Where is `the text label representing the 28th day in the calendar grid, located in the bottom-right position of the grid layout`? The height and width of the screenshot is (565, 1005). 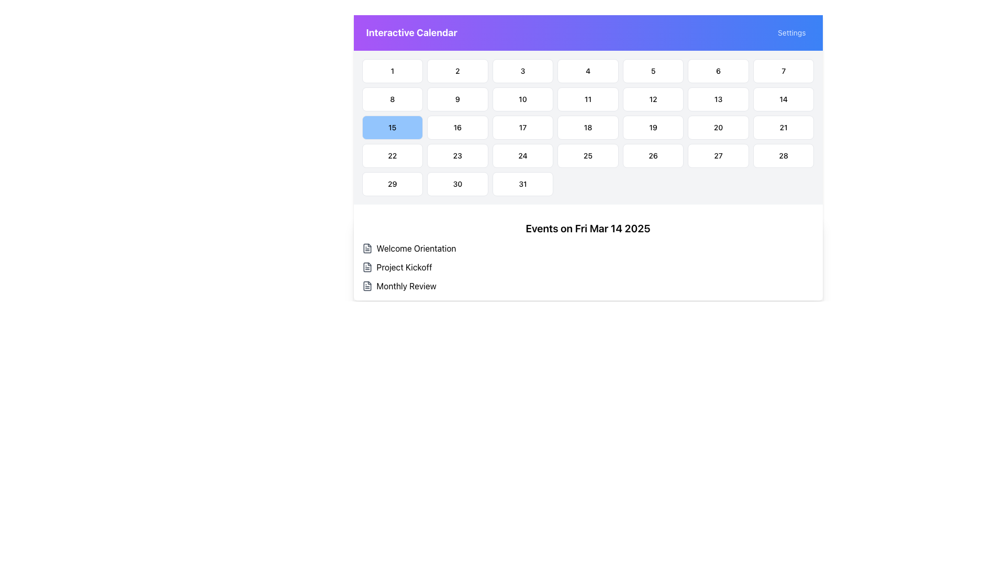 the text label representing the 28th day in the calendar grid, located in the bottom-right position of the grid layout is located at coordinates (784, 155).